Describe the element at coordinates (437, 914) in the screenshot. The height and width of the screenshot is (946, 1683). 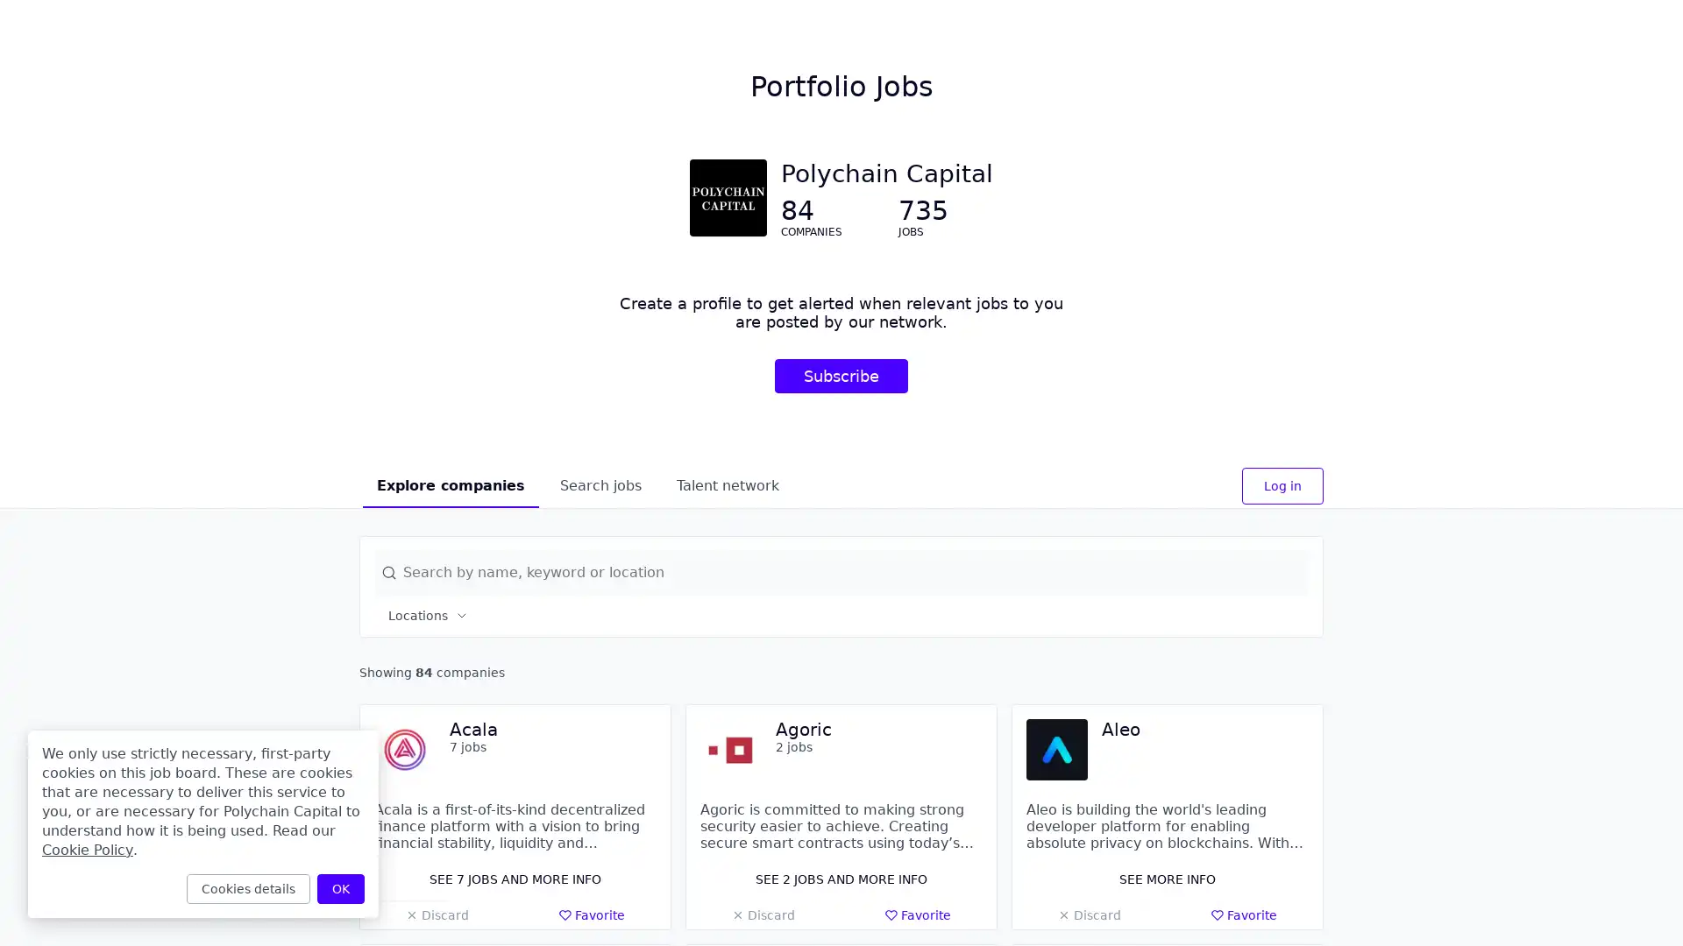
I see `Discard` at that location.